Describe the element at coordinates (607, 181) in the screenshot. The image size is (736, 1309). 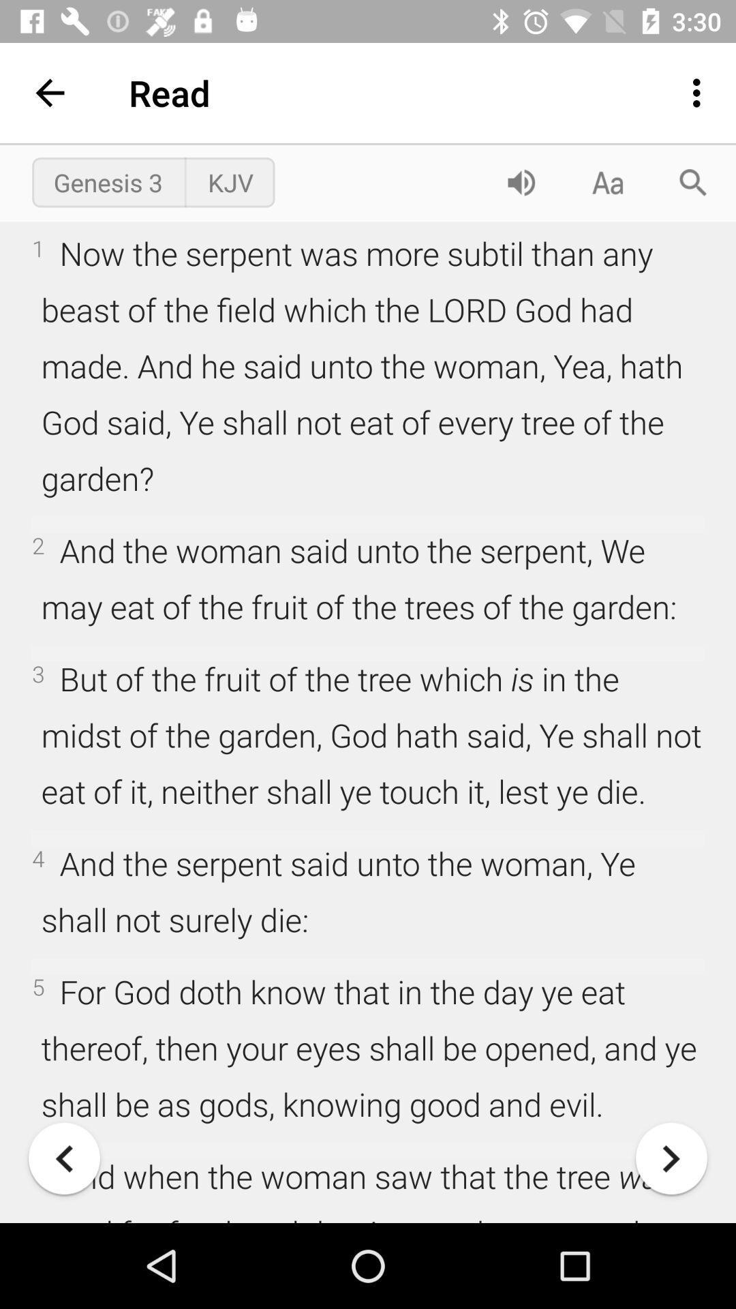
I see `edit text size` at that location.